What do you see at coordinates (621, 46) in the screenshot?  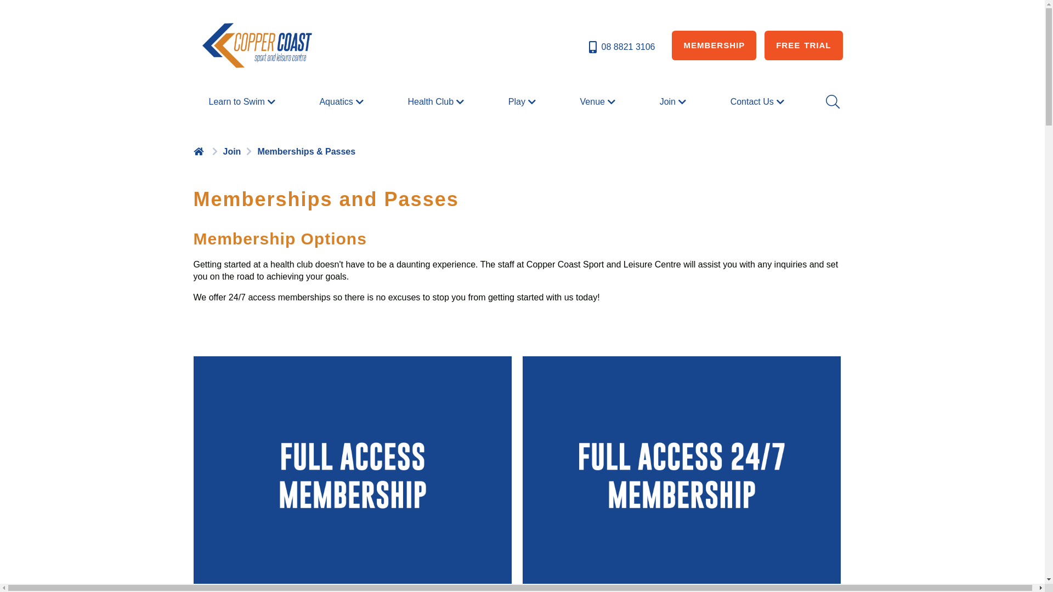 I see `'08 8821 3106'` at bounding box center [621, 46].